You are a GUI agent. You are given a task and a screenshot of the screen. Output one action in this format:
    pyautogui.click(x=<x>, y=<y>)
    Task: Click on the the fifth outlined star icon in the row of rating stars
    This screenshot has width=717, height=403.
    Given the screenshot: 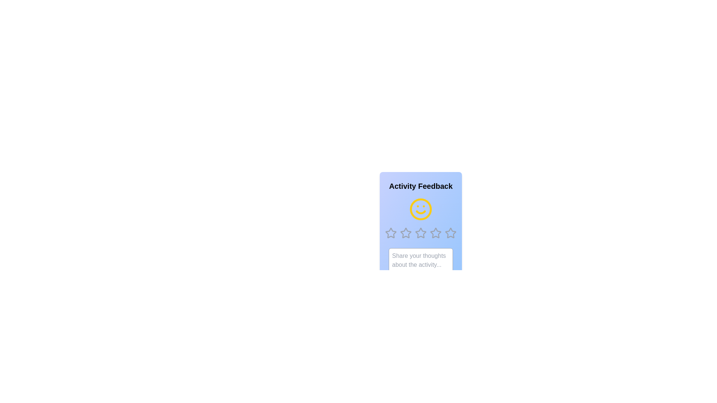 What is the action you would take?
    pyautogui.click(x=450, y=232)
    